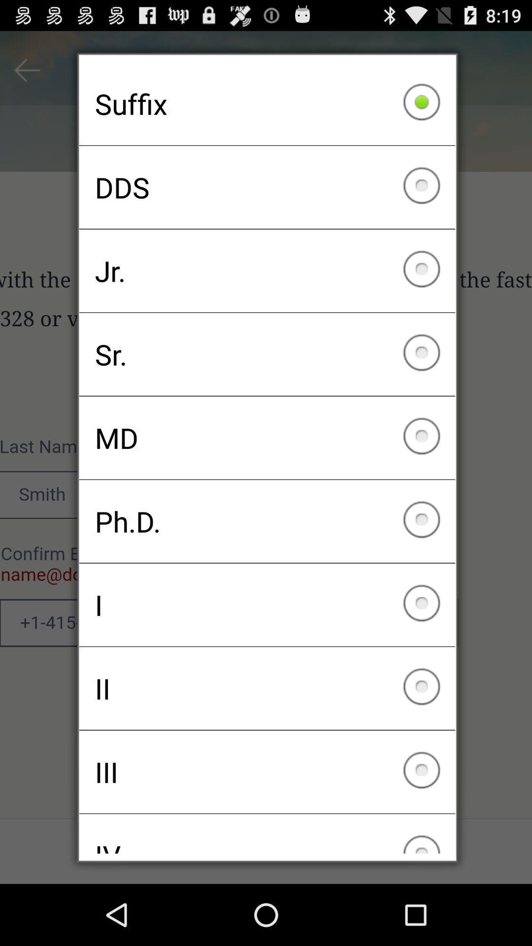  Describe the element at coordinates (267, 833) in the screenshot. I see `iv` at that location.